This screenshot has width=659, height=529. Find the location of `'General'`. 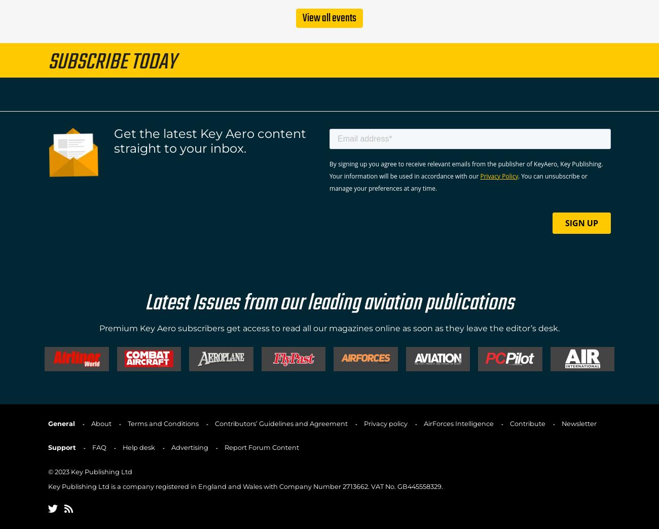

'General' is located at coordinates (61, 423).